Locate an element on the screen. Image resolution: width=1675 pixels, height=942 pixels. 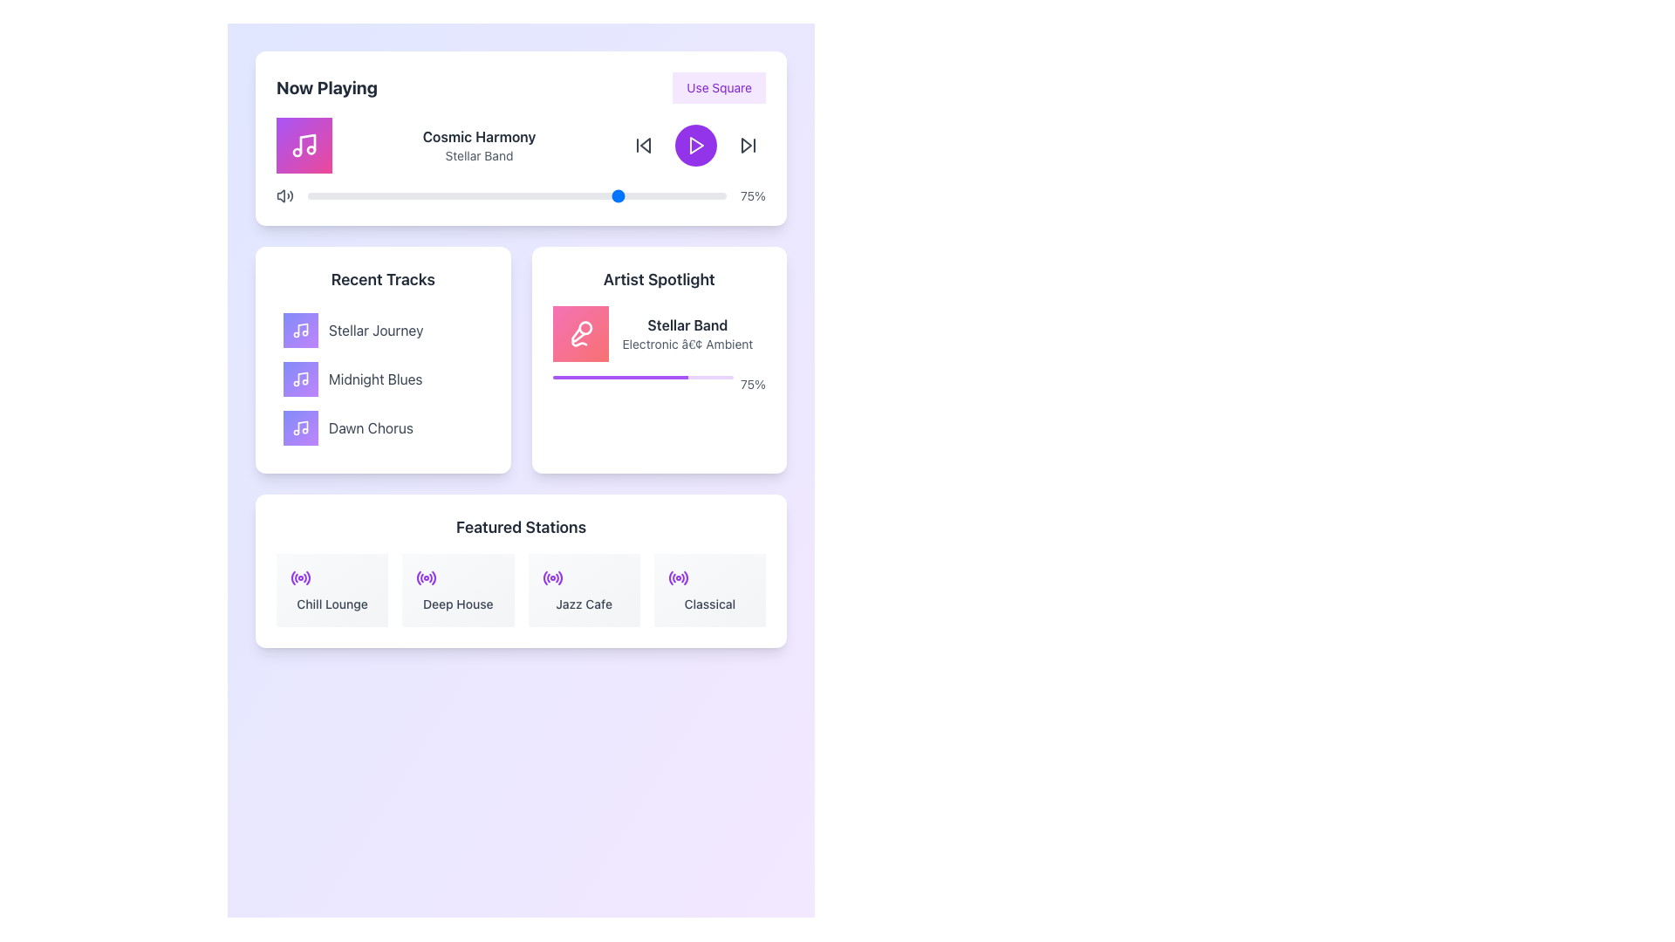
progress is located at coordinates (608, 376).